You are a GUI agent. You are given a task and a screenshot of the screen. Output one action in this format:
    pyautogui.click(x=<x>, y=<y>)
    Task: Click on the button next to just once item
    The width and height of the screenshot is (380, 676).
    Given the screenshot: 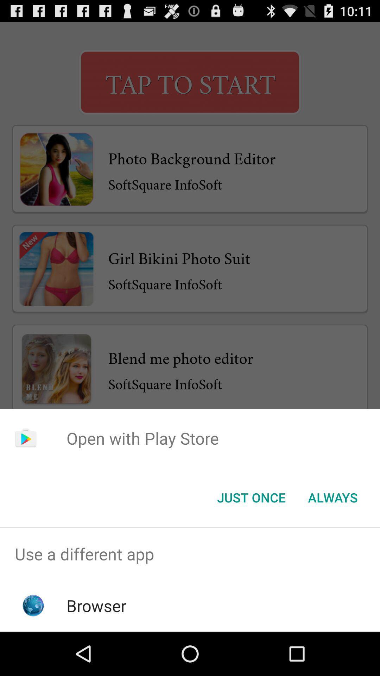 What is the action you would take?
    pyautogui.click(x=332, y=497)
    